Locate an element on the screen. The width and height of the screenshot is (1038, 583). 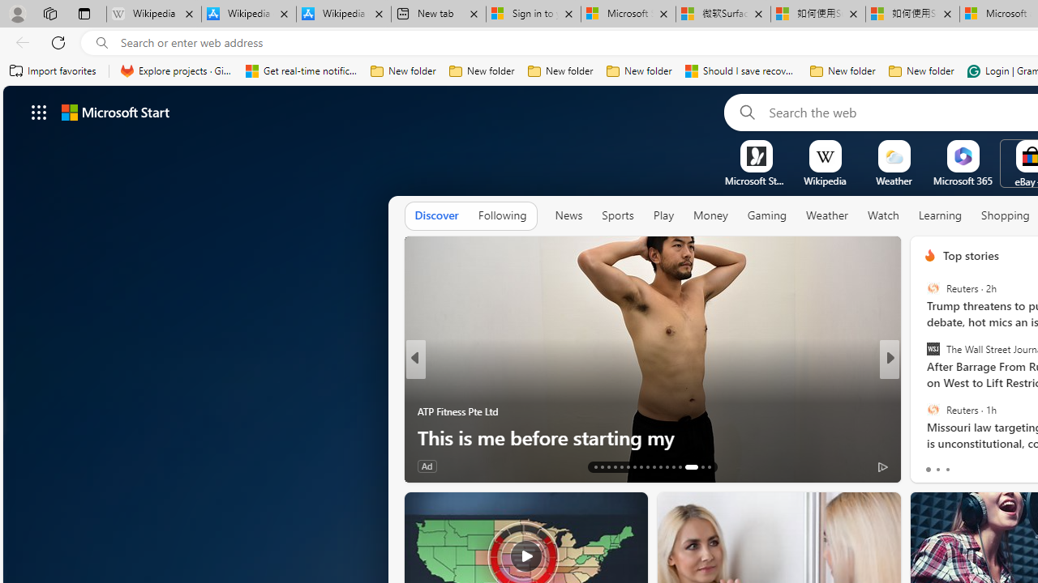
'AutomationID: tab-15' is located at coordinates (607, 467).